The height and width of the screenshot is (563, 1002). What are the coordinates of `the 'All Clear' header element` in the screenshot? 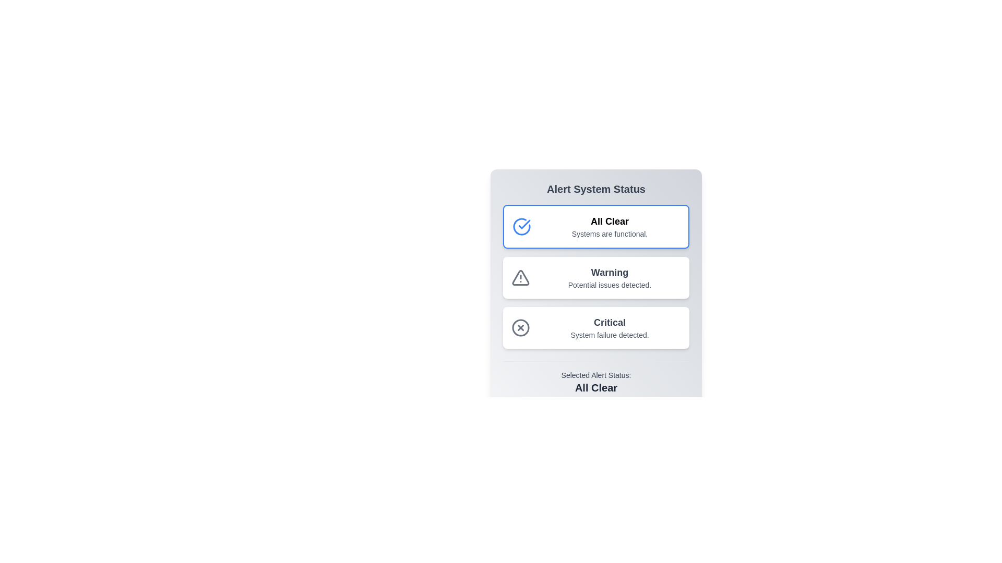 It's located at (610, 221).